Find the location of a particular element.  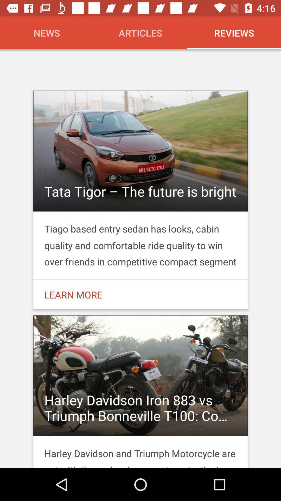

the image which is below learn more is located at coordinates (140, 390).